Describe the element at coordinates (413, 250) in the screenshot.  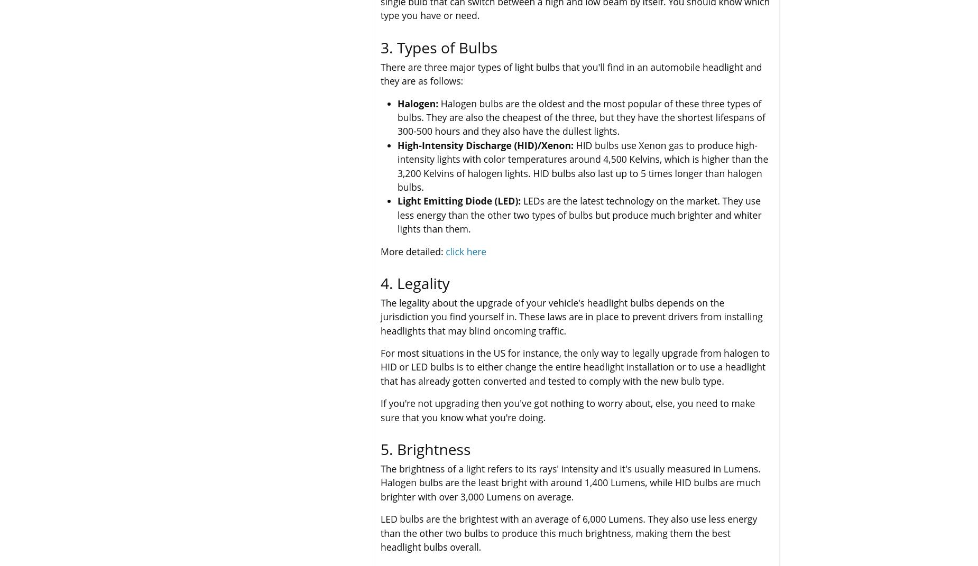
I see `'More detailed:'` at that location.